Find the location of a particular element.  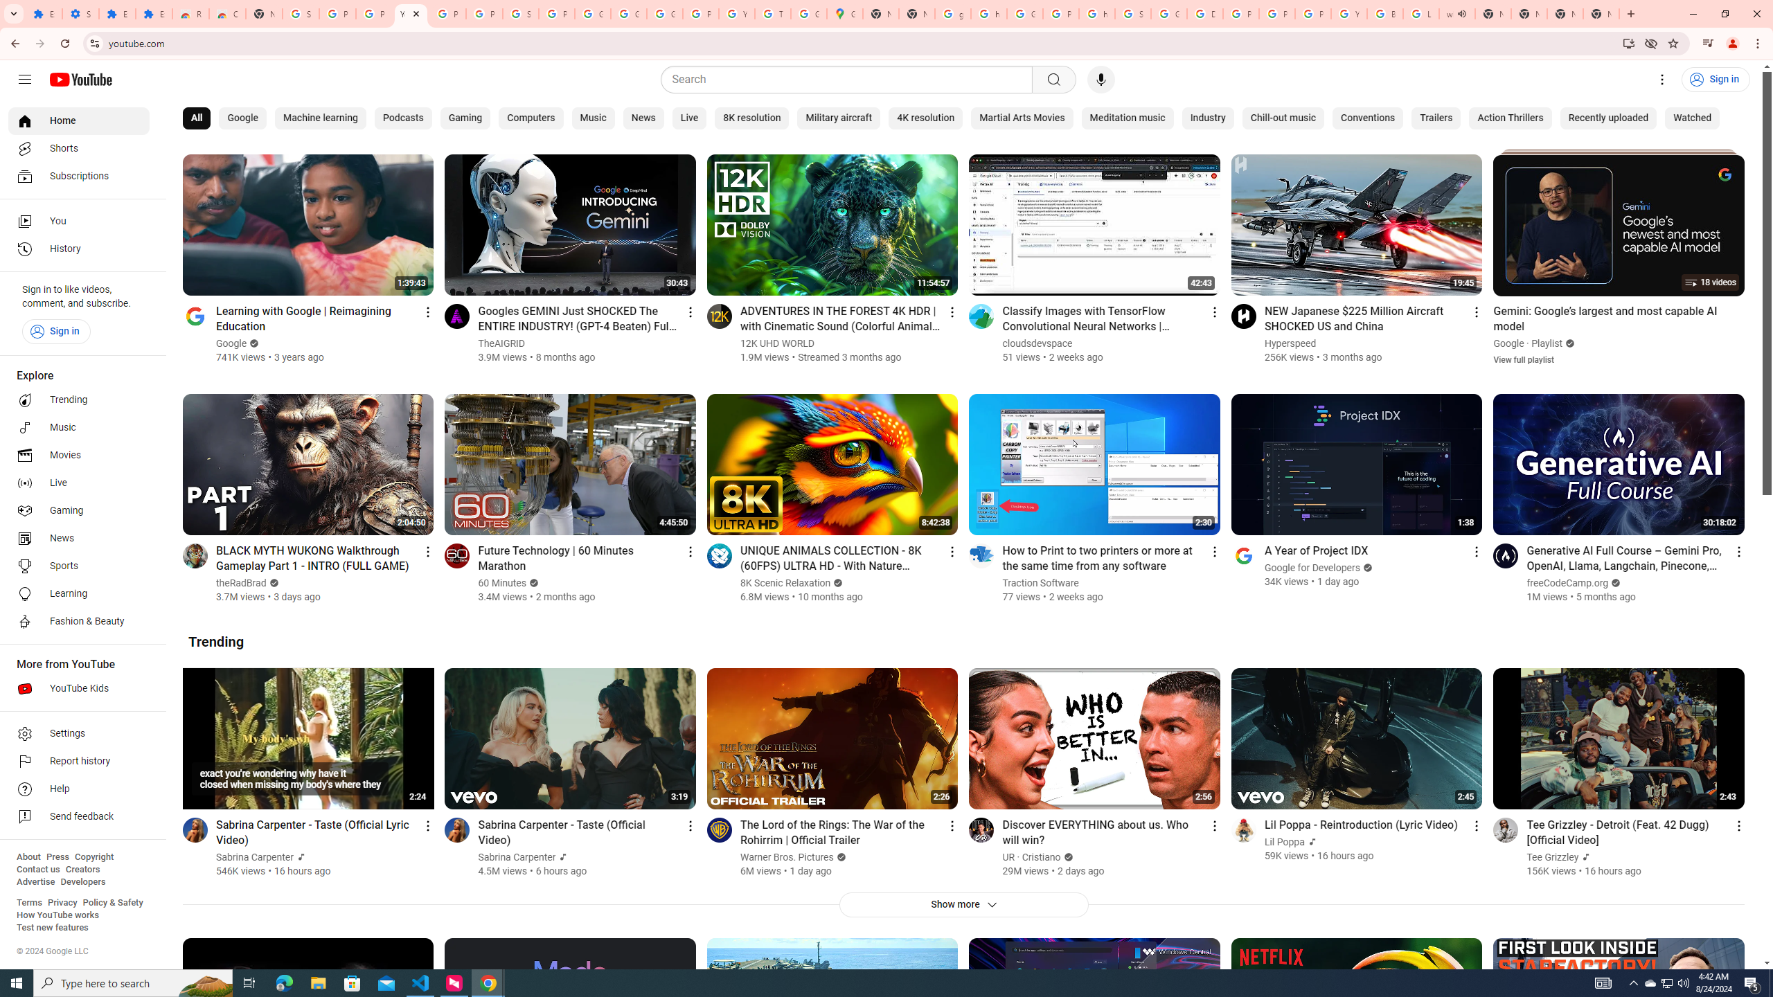

'Policy & Safety' is located at coordinates (112, 901).